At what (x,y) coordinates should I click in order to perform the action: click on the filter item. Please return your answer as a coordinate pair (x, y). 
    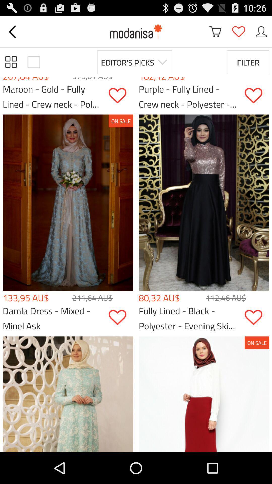
    Looking at the image, I should click on (248, 62).